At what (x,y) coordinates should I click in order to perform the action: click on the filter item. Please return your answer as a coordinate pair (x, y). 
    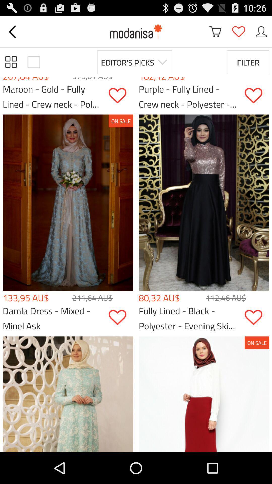
    Looking at the image, I should click on (248, 62).